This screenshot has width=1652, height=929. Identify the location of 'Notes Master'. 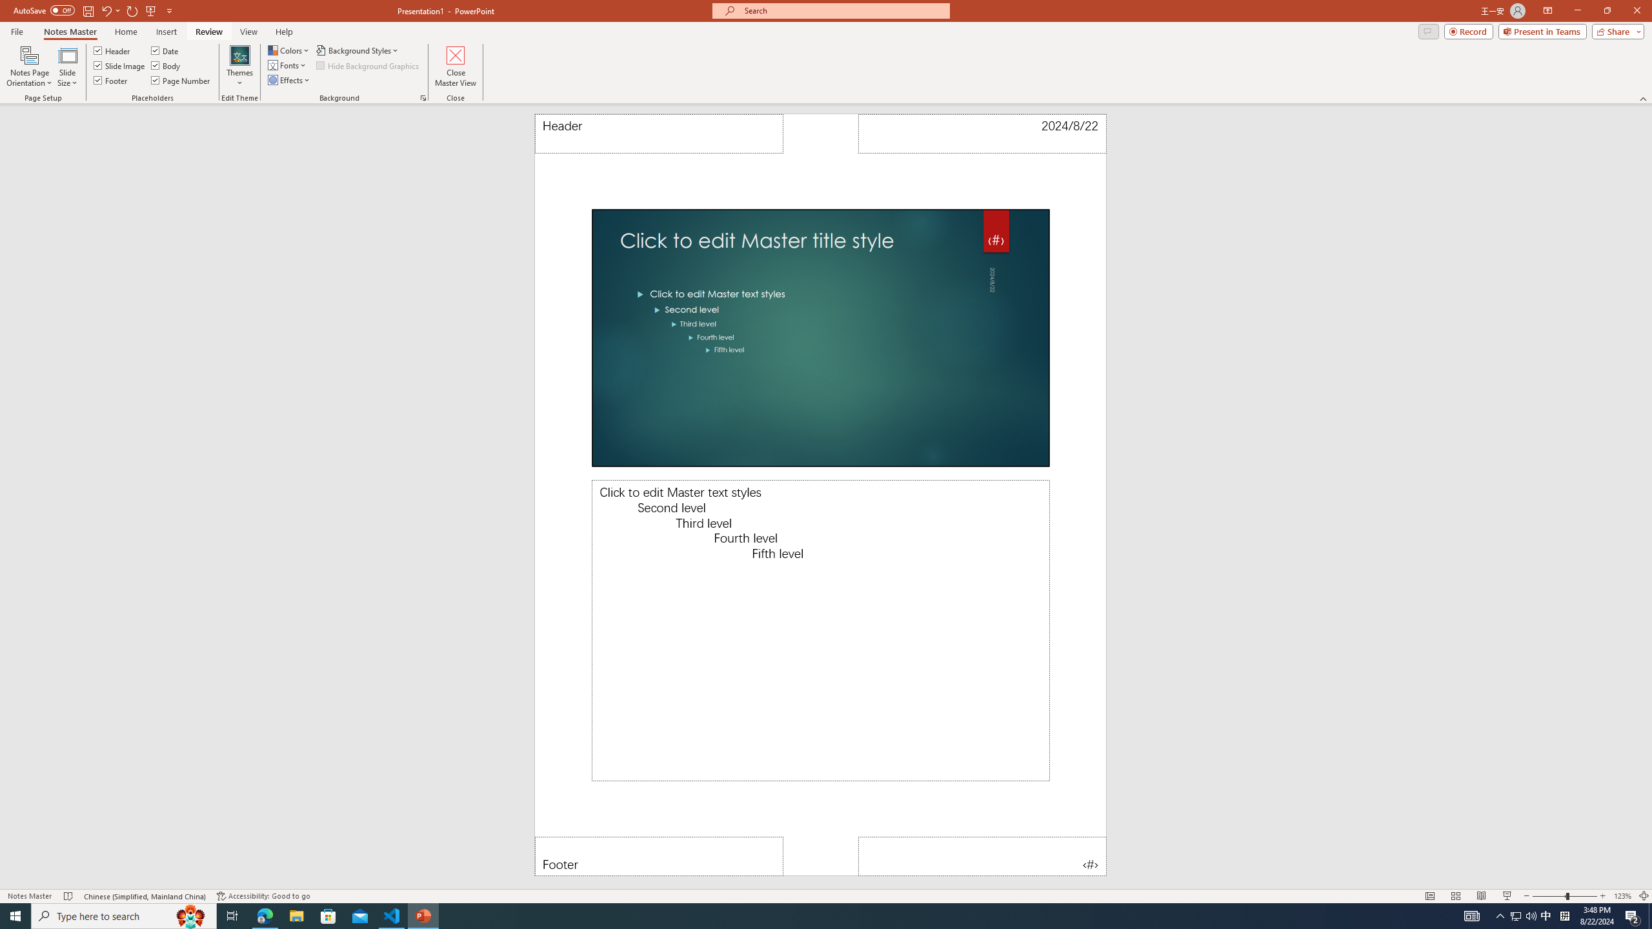
(69, 32).